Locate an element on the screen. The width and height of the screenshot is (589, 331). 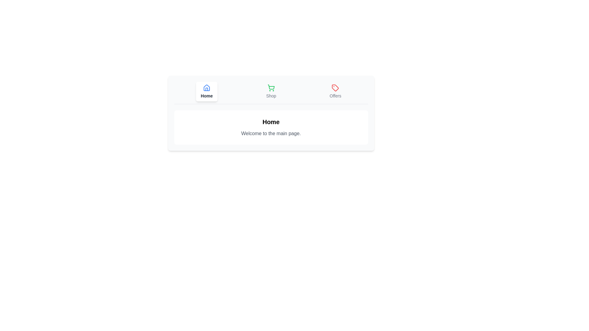
the button labeled Shop is located at coordinates (271, 92).